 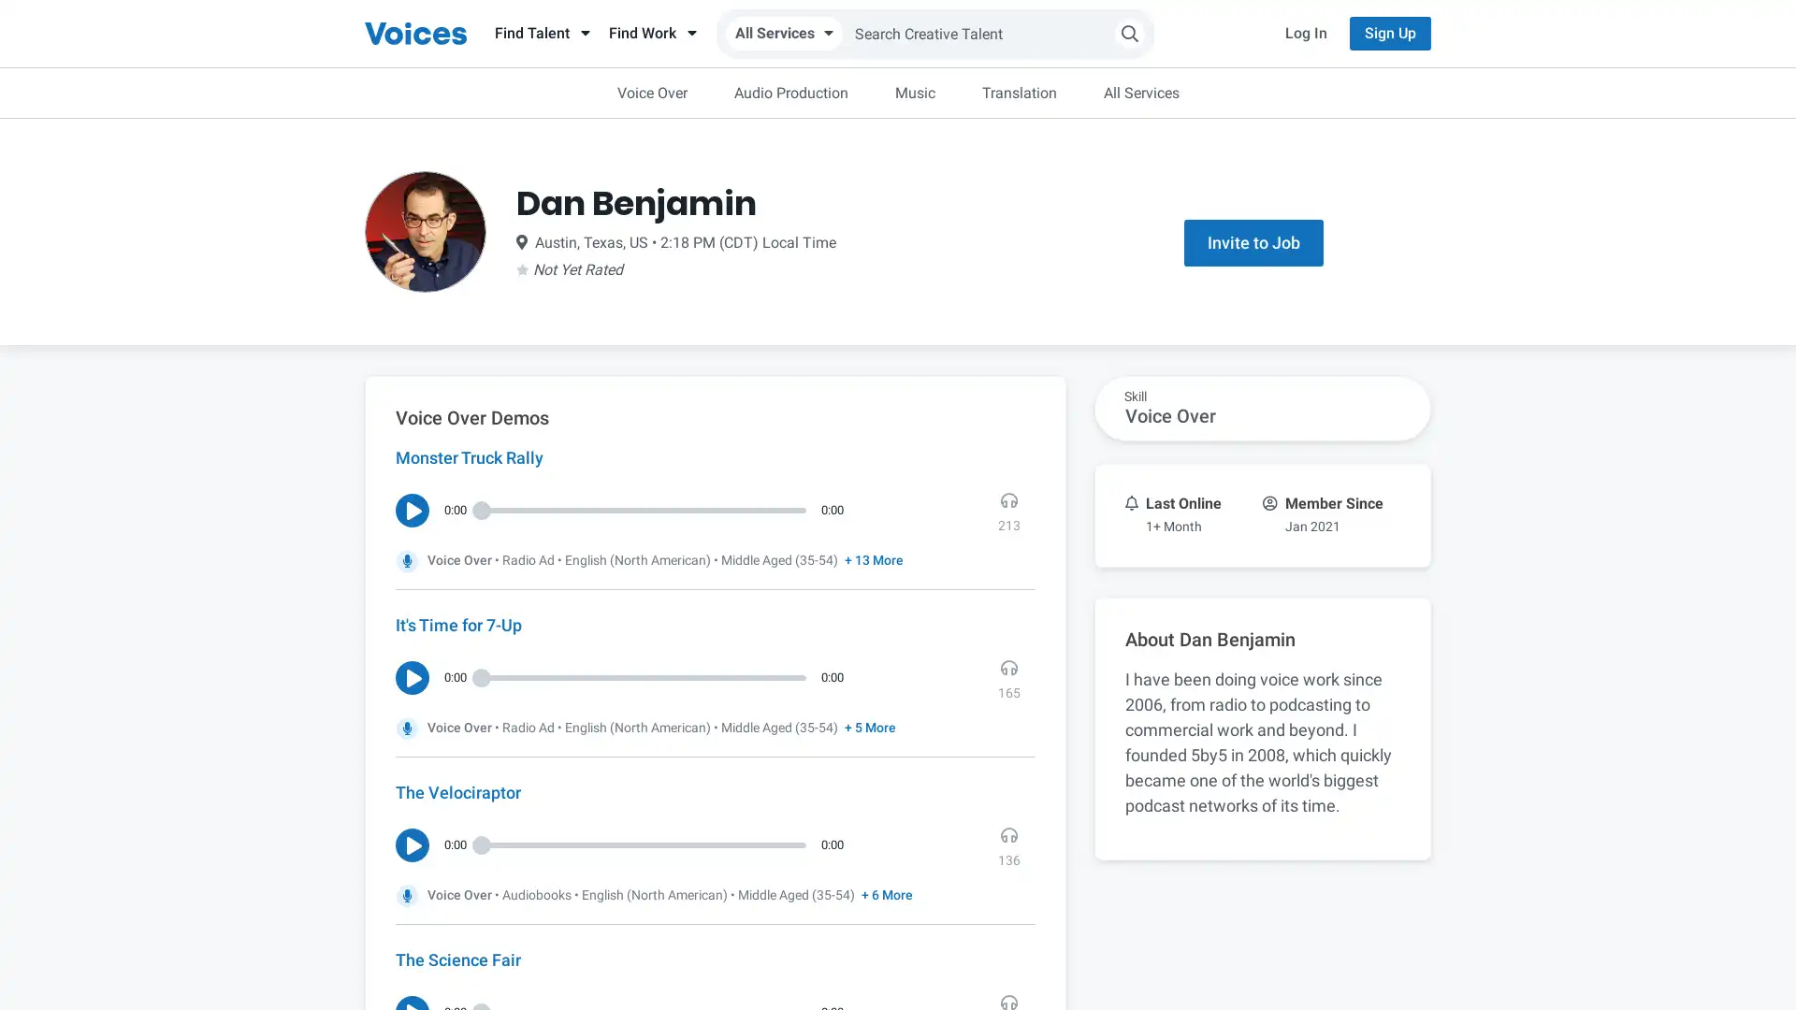 I want to click on Invite to Job, so click(x=1253, y=241).